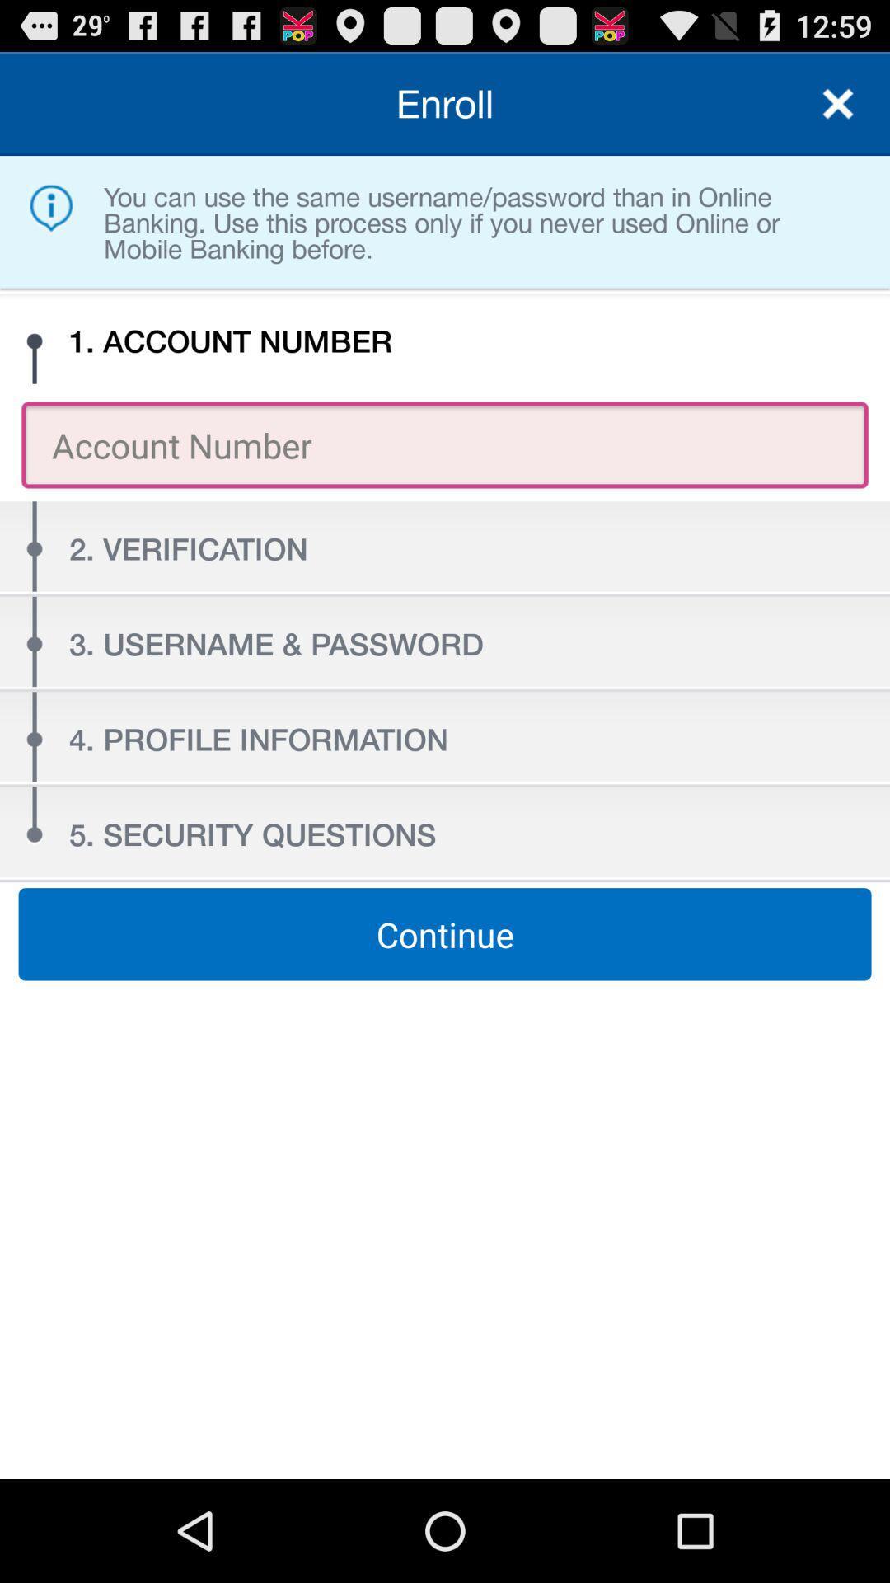  What do you see at coordinates (838, 102) in the screenshot?
I see `the item next to enroll item` at bounding box center [838, 102].